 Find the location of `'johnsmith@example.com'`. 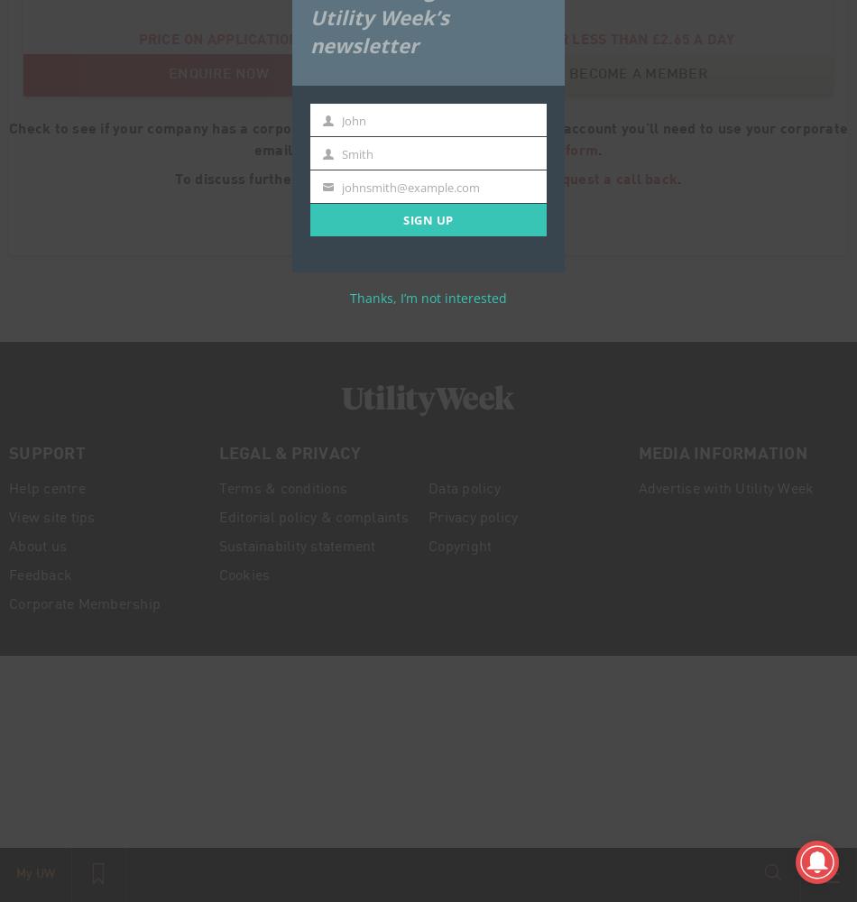

'johnsmith@example.com' is located at coordinates (340, 187).